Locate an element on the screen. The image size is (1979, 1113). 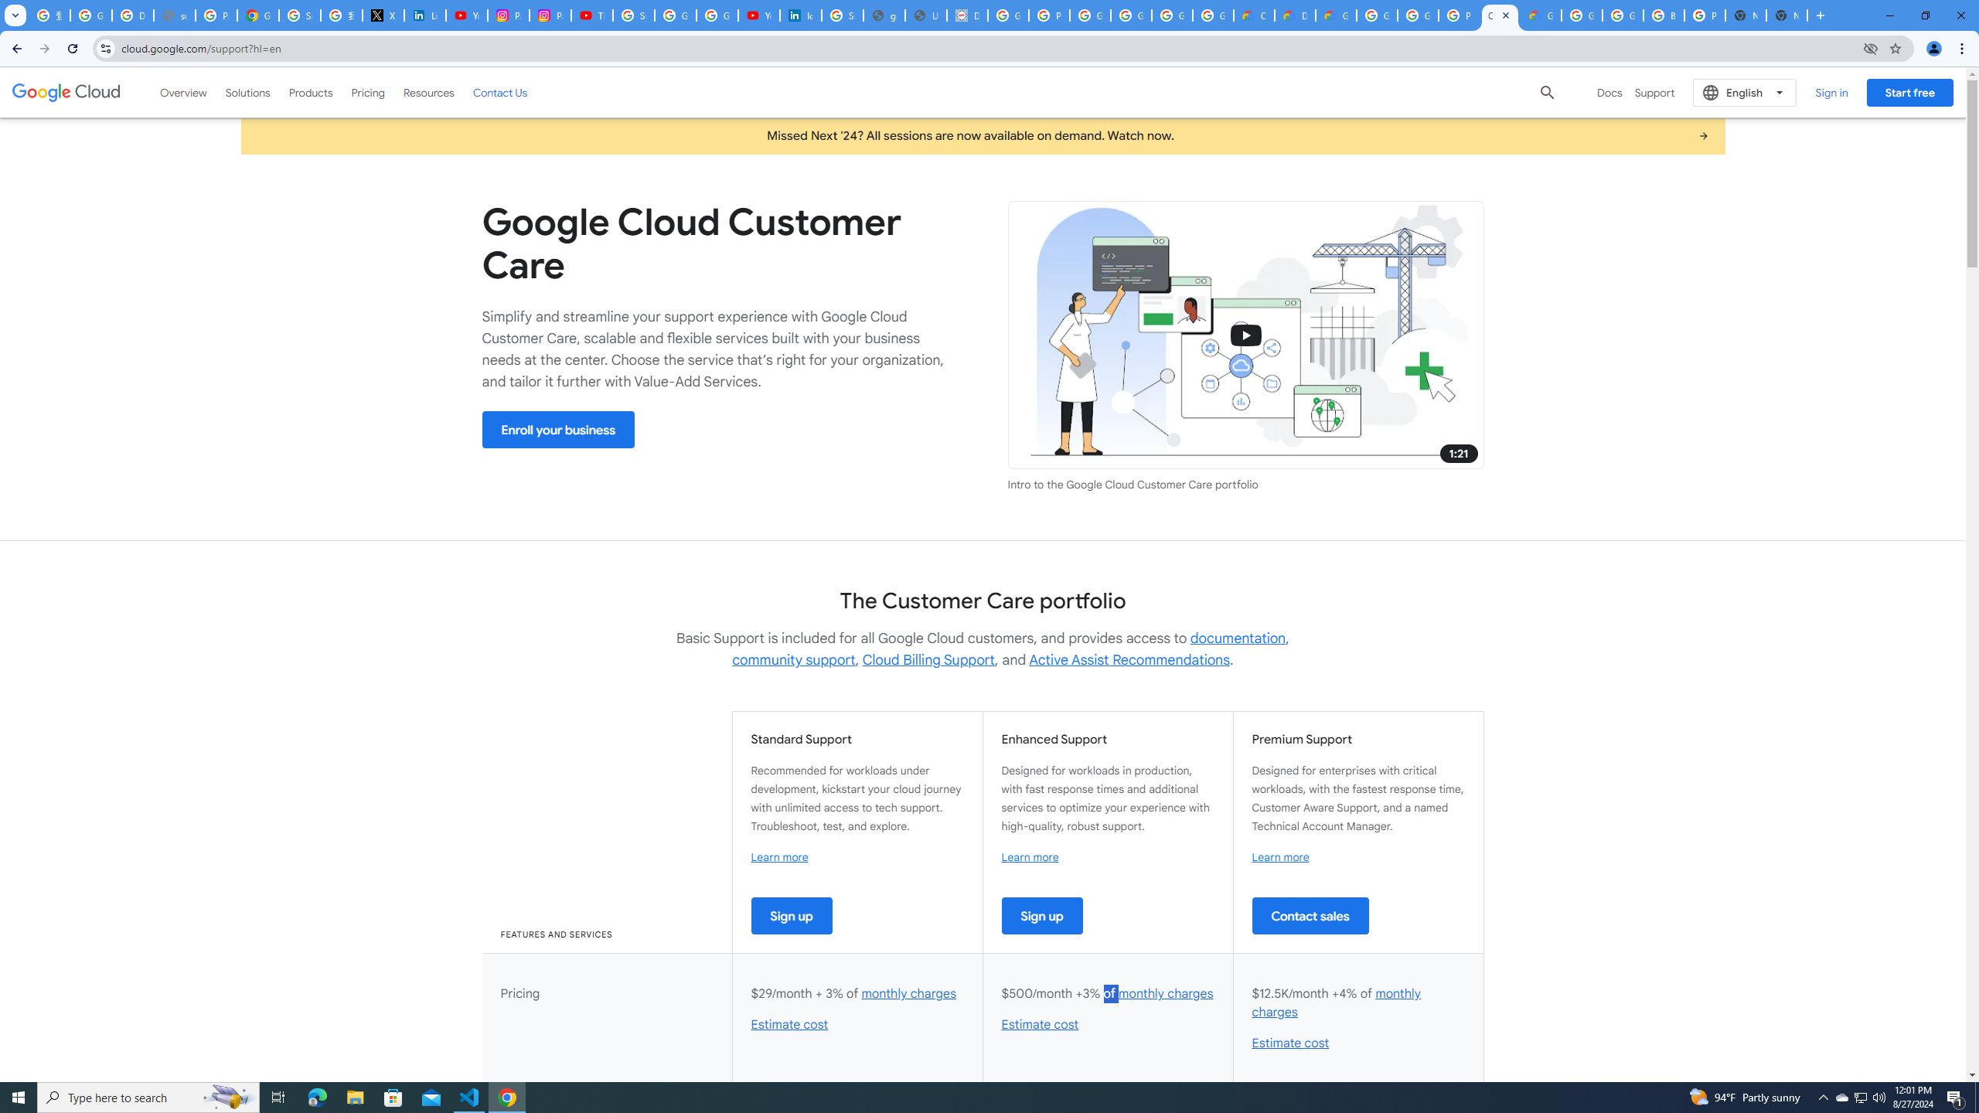
'Google Workspace - Specific Terms' is located at coordinates (1172, 15).